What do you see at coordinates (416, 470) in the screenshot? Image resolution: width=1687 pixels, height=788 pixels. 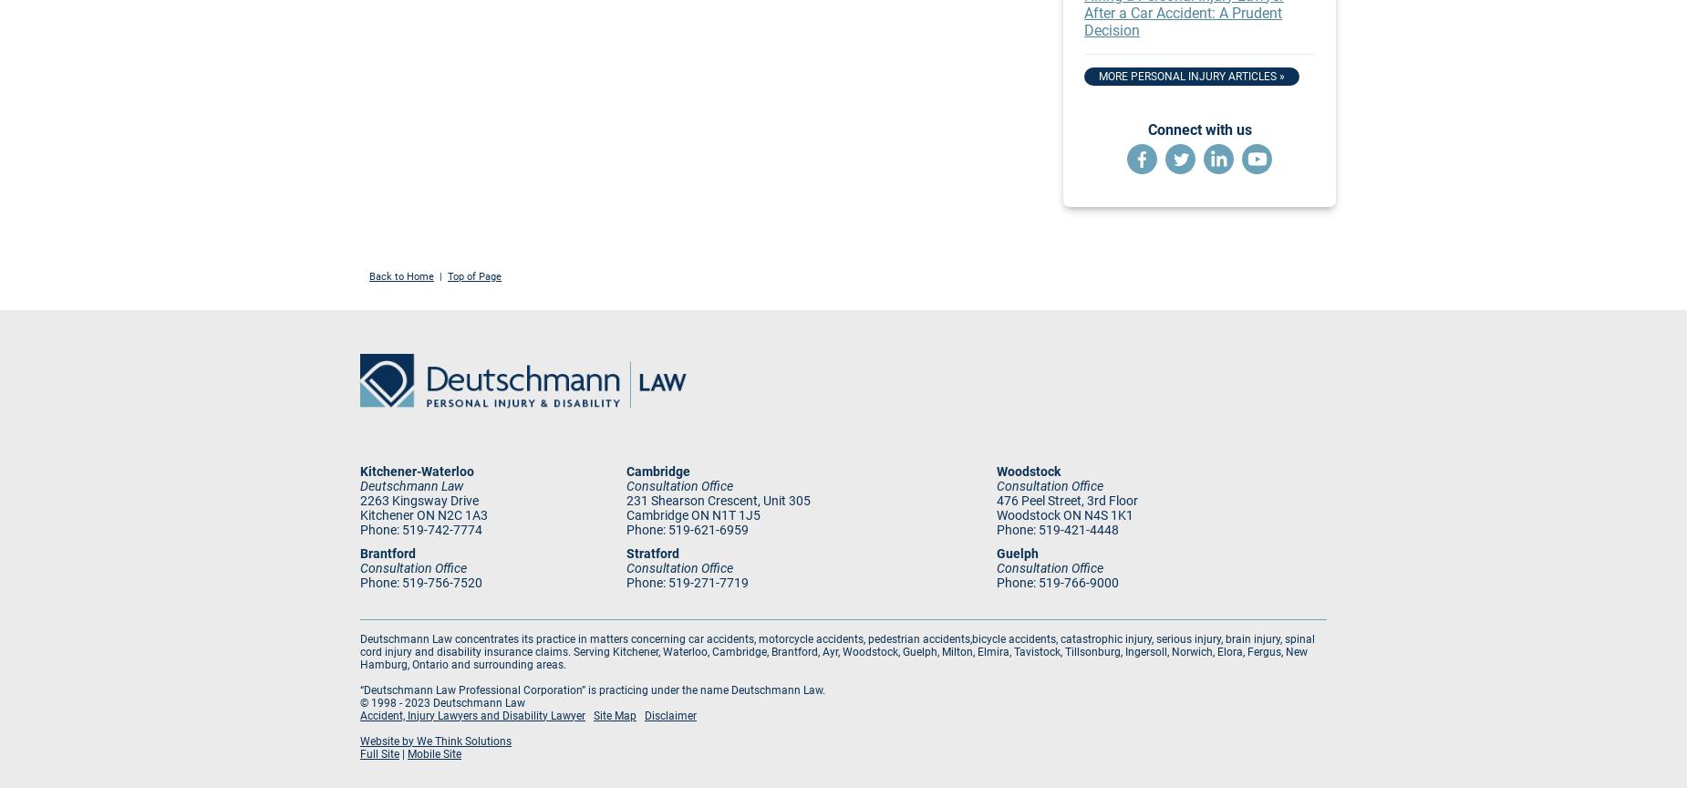 I see `'Kitchener-Waterloo'` at bounding box center [416, 470].